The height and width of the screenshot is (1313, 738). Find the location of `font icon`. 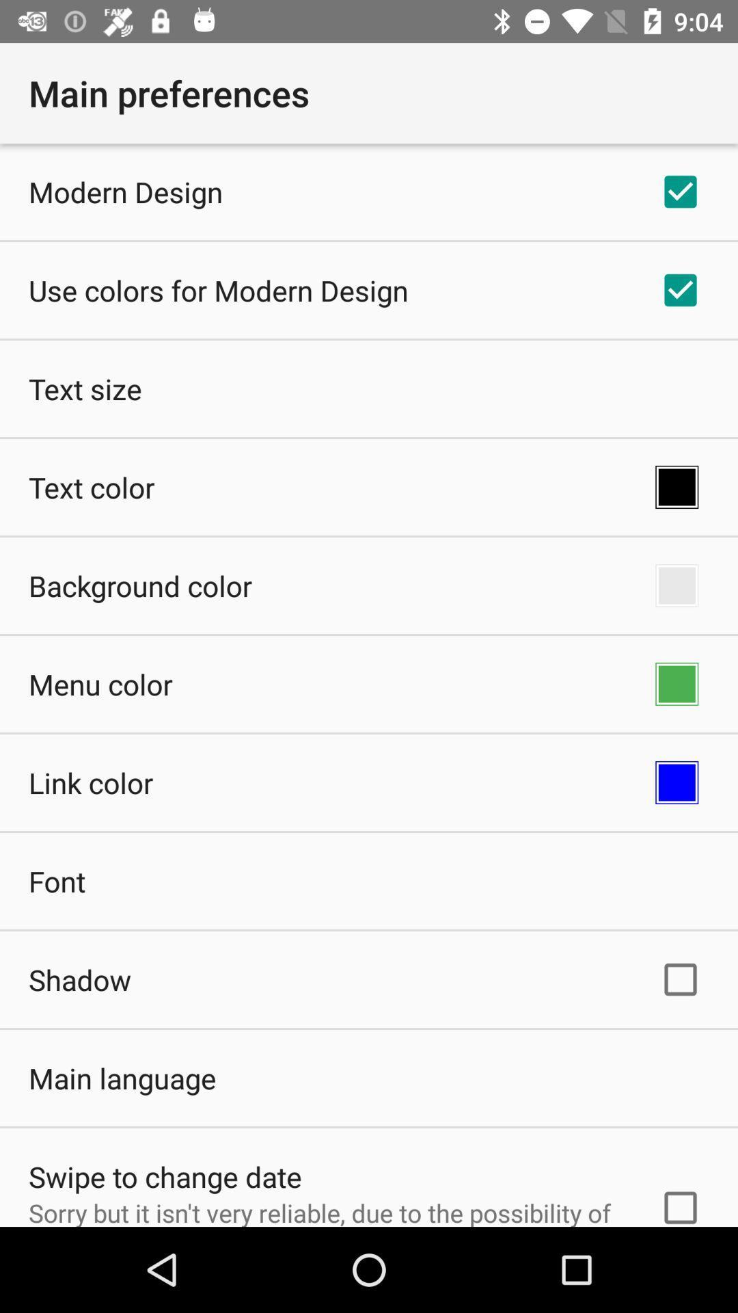

font icon is located at coordinates (56, 881).